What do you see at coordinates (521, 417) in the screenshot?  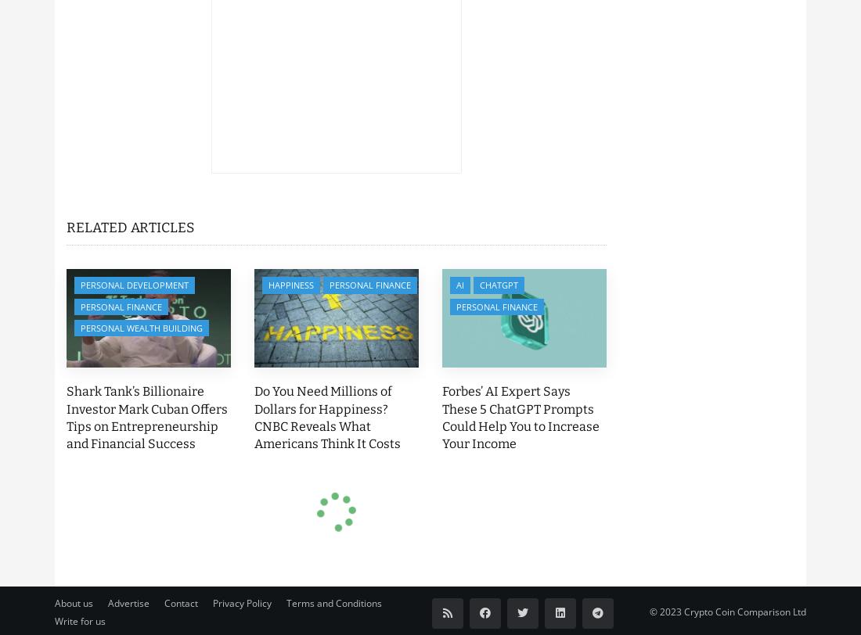 I see `'Forbes’ AI Expert Says These 5 ChatGPT Prompts Could Help You to Increase Your Income'` at bounding box center [521, 417].